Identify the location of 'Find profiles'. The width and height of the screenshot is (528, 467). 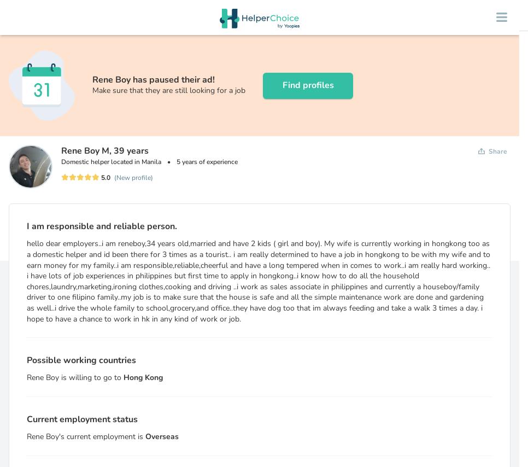
(281, 85).